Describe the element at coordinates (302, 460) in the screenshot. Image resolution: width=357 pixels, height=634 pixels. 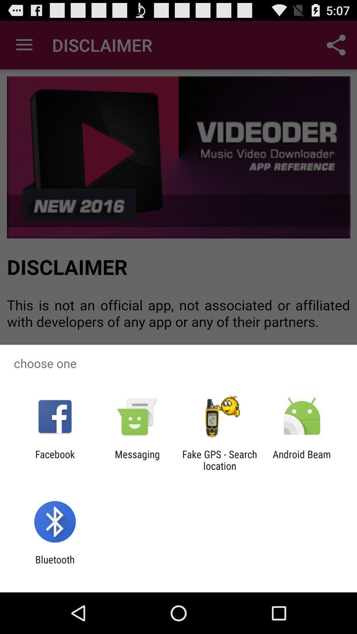
I see `the app next to fake gps search icon` at that location.